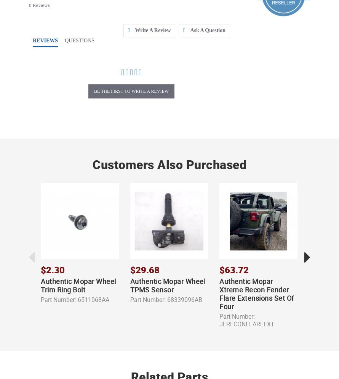 This screenshot has height=379, width=339. Describe the element at coordinates (78, 285) in the screenshot. I see `'Authentic Mopar Wheel Trim Ring Bolt'` at that location.